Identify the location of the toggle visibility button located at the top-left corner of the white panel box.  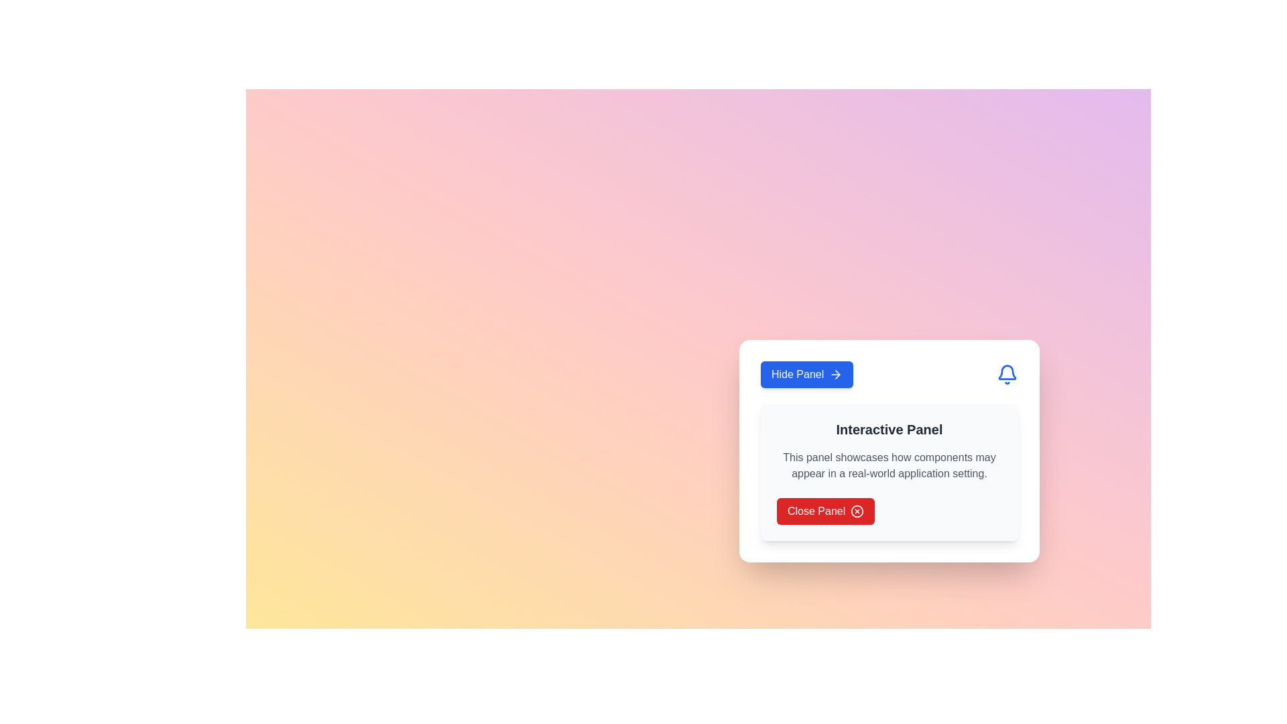
(806, 375).